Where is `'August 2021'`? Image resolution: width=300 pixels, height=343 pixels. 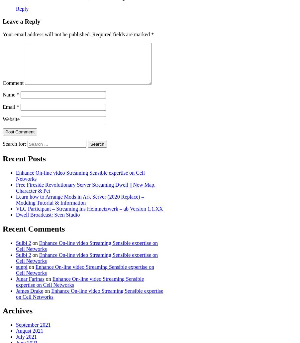
'August 2021' is located at coordinates (16, 330).